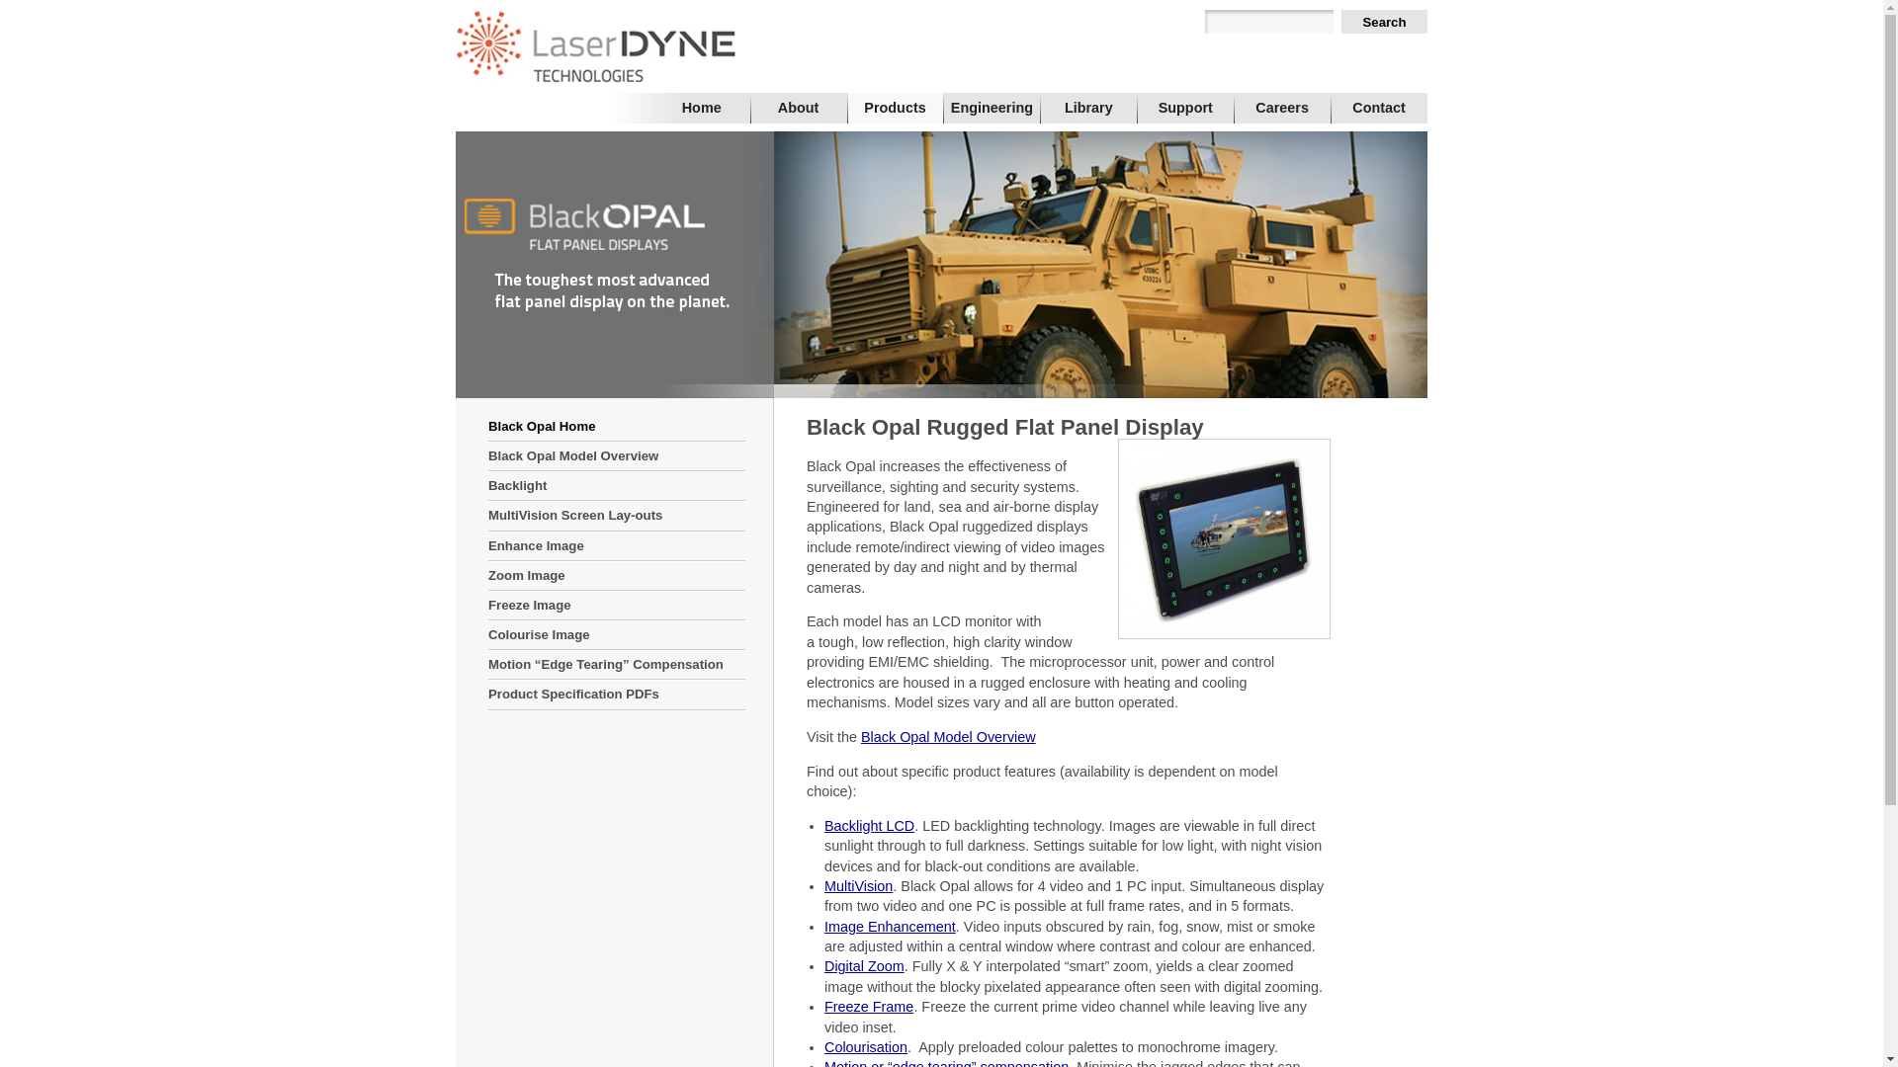 This screenshot has height=1067, width=1898. Describe the element at coordinates (866, 1046) in the screenshot. I see `'Colourisation'` at that location.